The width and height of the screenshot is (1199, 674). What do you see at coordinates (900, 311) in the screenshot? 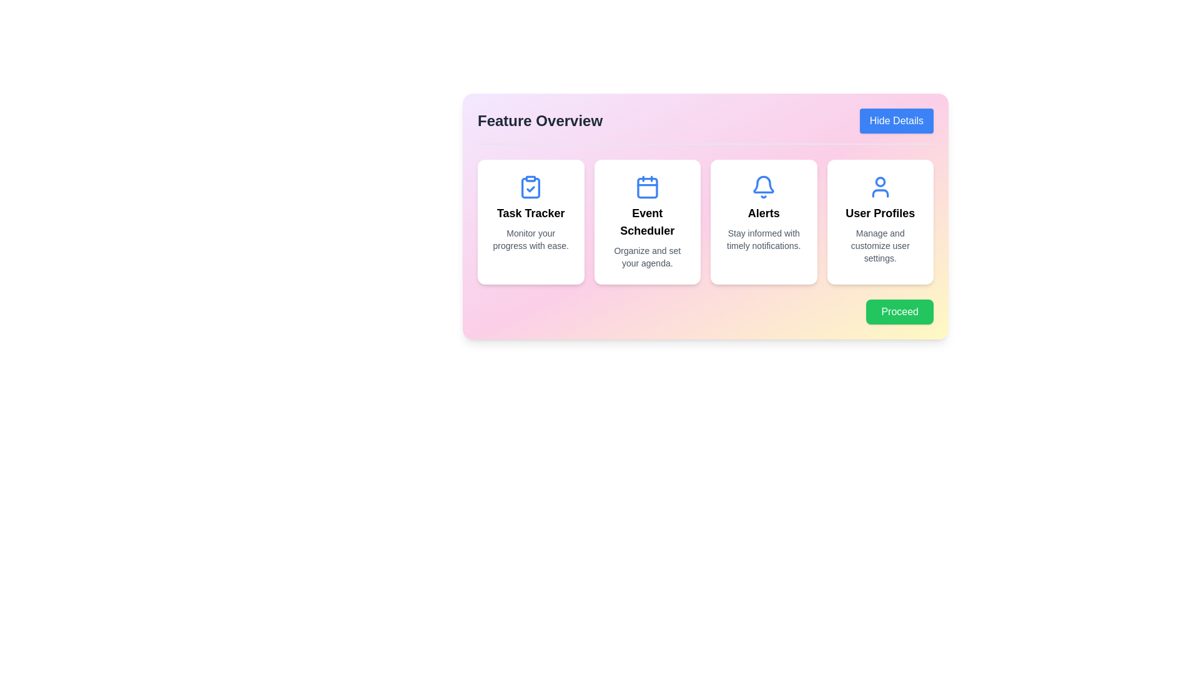
I see `the green button labeled 'Proceed' to observe the color change effect when hovered` at bounding box center [900, 311].